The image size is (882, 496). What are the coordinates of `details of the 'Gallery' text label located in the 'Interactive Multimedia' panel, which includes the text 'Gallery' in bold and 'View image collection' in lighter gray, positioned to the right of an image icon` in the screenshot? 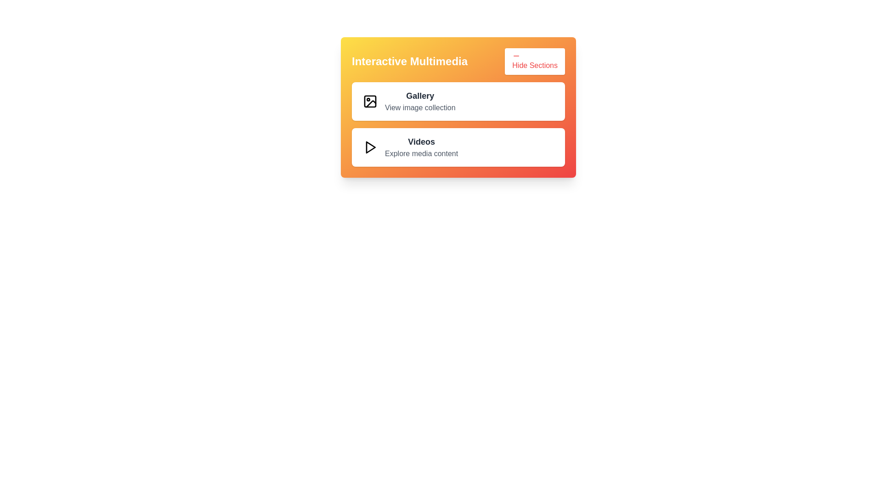 It's located at (419, 101).